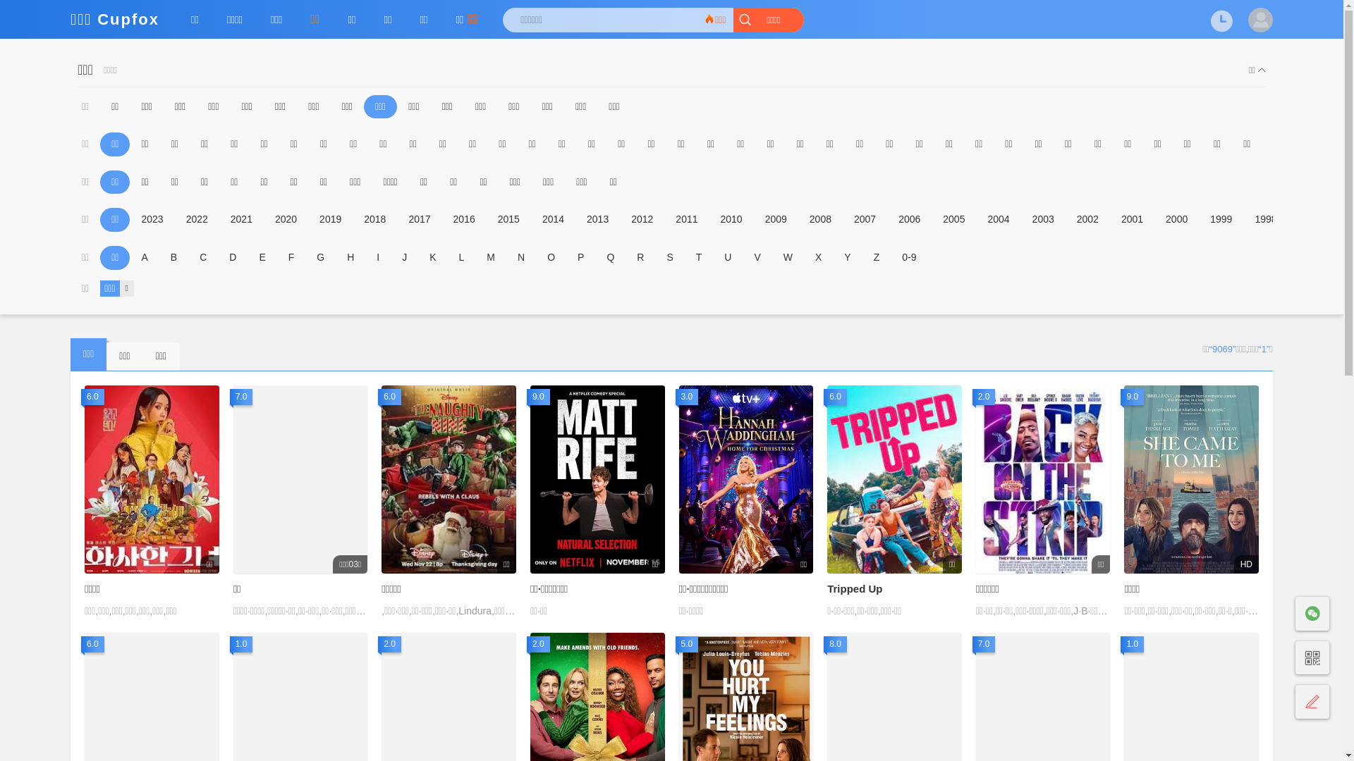 The height and width of the screenshot is (761, 1354). Describe the element at coordinates (756, 258) in the screenshot. I see `'V'` at that location.